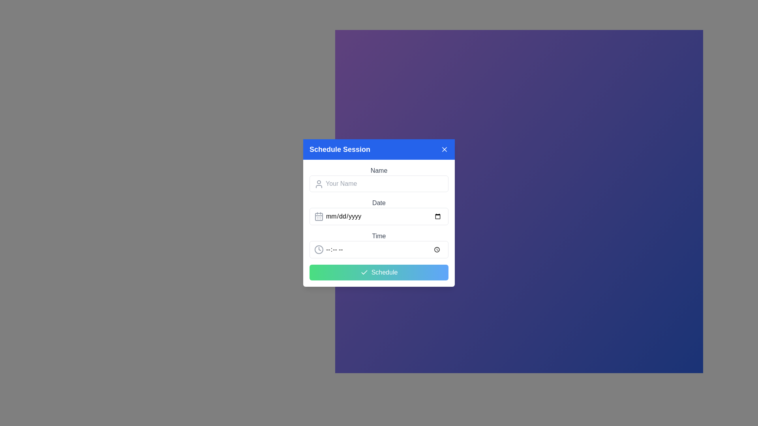 The height and width of the screenshot is (426, 758). Describe the element at coordinates (379, 272) in the screenshot. I see `the submission button located in the 'Schedule Session' modal dialog` at that location.